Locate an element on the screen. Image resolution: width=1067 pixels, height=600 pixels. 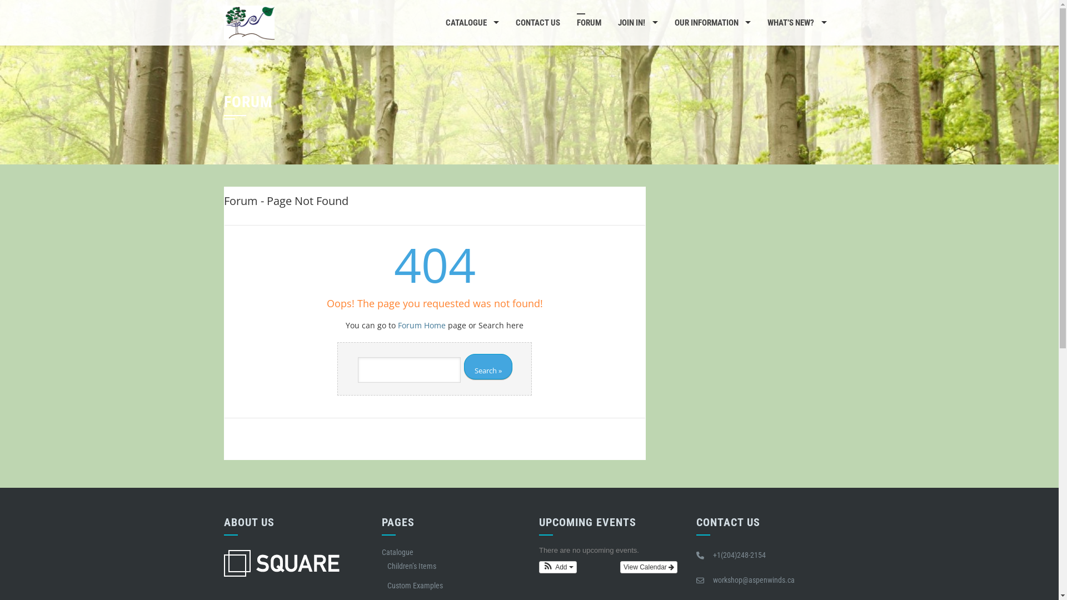
'FORUM' is located at coordinates (589, 23).